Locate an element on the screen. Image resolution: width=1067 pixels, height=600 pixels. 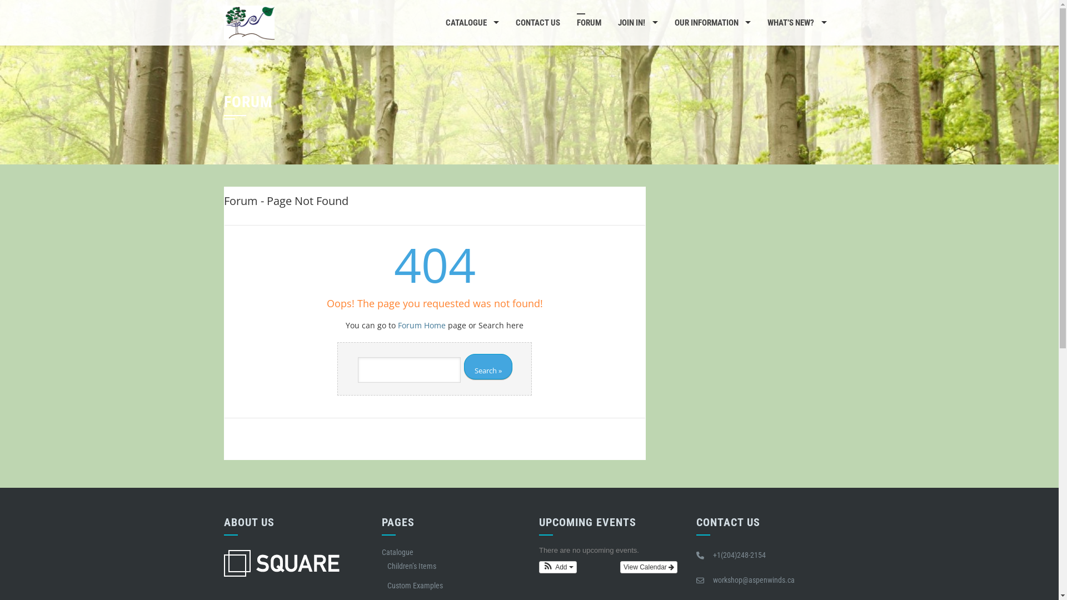
'FORUM' is located at coordinates (589, 23).